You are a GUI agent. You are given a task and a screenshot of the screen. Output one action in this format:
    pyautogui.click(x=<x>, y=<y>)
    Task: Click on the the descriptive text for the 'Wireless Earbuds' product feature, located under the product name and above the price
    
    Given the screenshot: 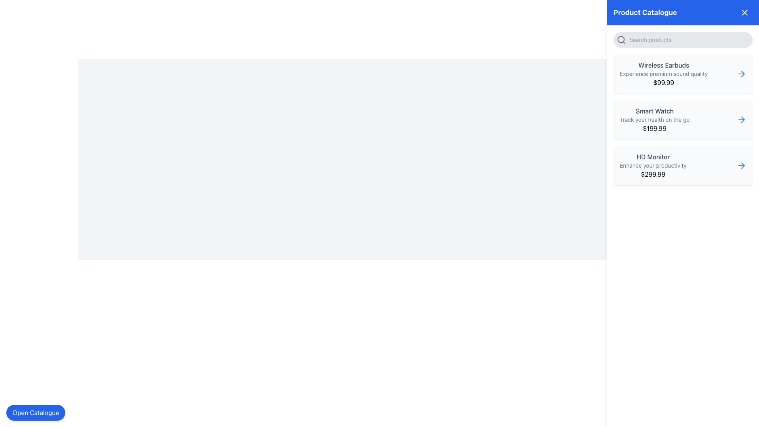 What is the action you would take?
    pyautogui.click(x=664, y=74)
    